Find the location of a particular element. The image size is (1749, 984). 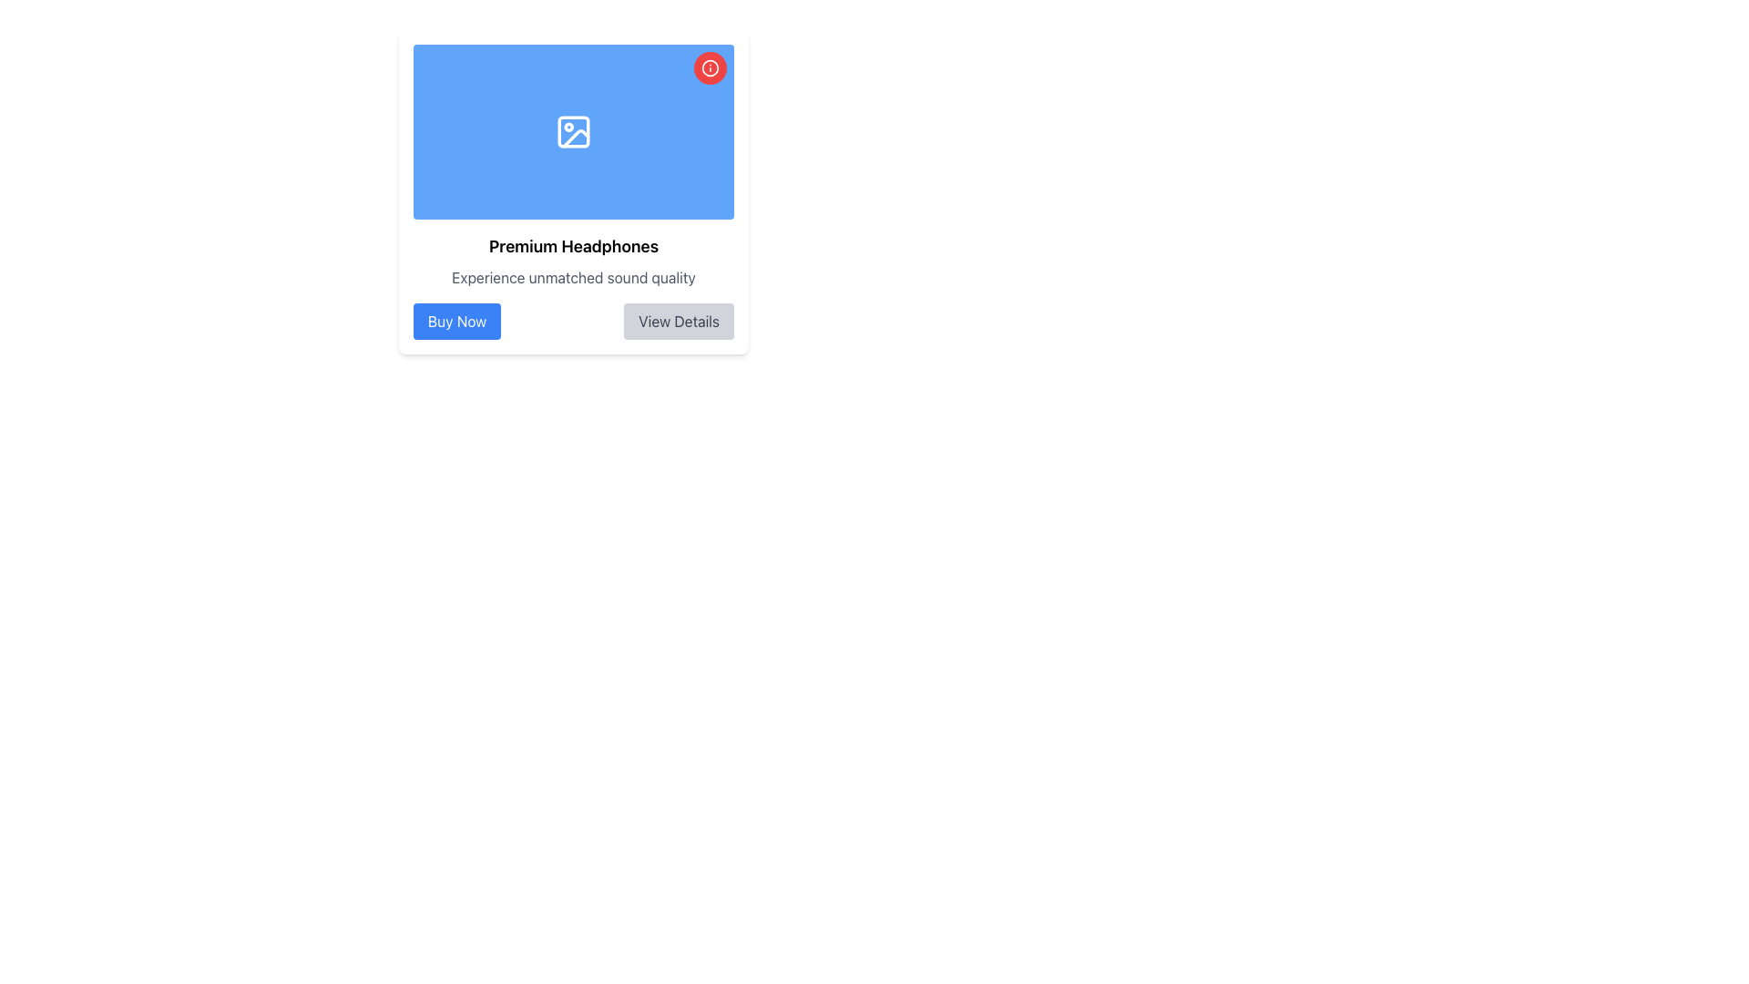

the Text Label that serves as a title or header for the associated product, which is centrally positioned and above the descriptive text 'Experience unmatched sound quality' is located at coordinates (572, 246).